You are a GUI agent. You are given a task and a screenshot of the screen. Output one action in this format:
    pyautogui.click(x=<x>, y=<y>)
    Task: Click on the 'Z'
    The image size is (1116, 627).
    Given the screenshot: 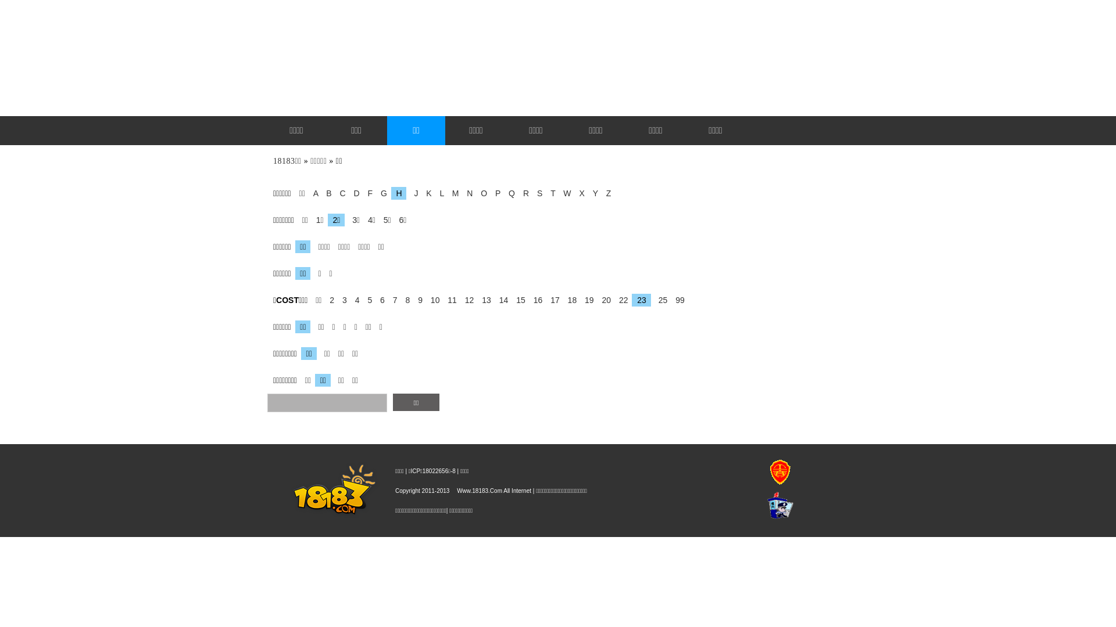 What is the action you would take?
    pyautogui.click(x=605, y=192)
    